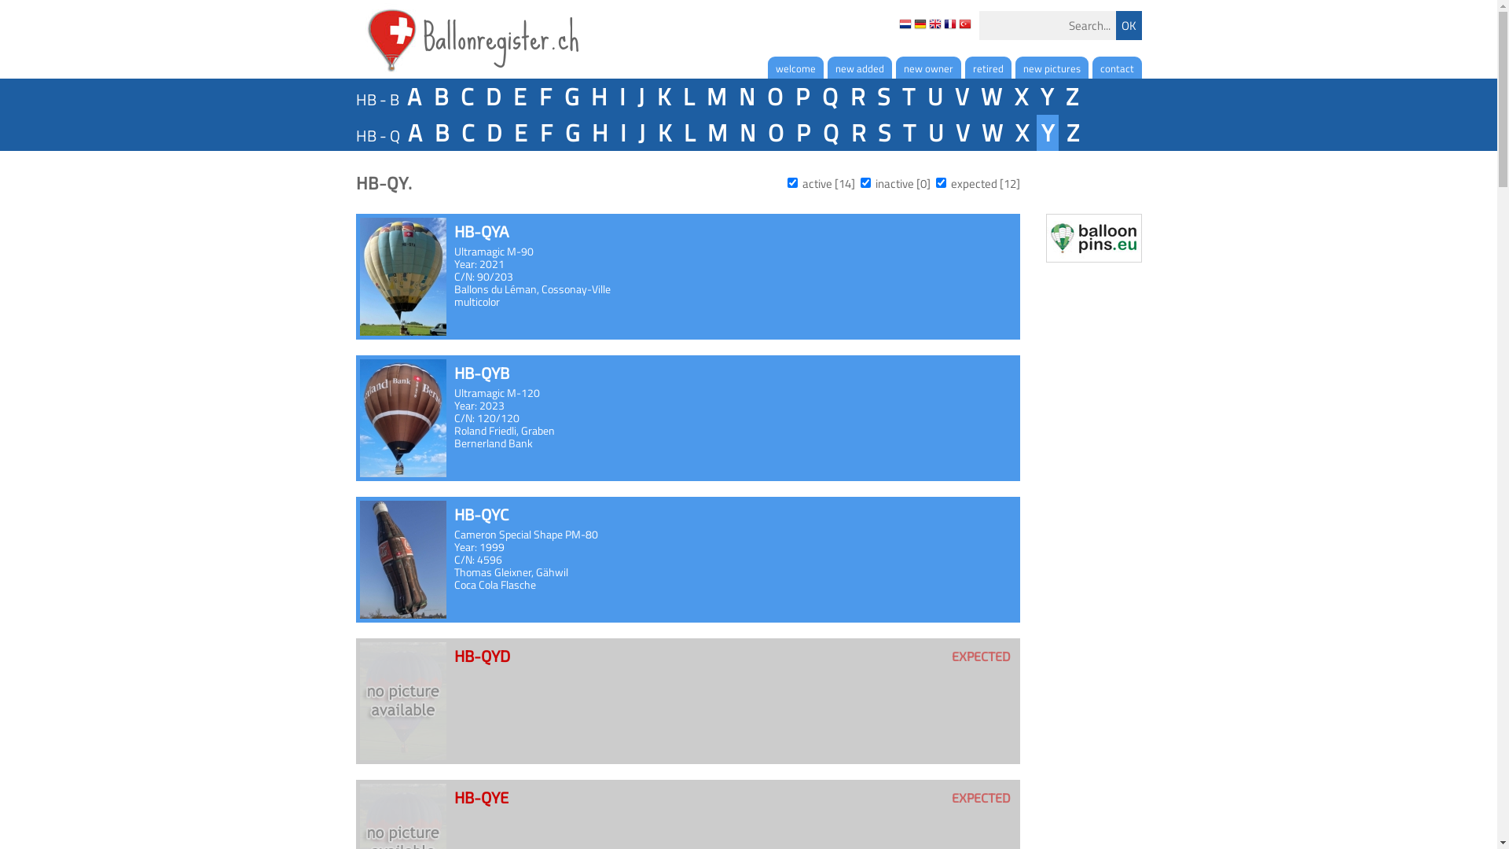 The image size is (1509, 849). I want to click on 'D', so click(492, 97).